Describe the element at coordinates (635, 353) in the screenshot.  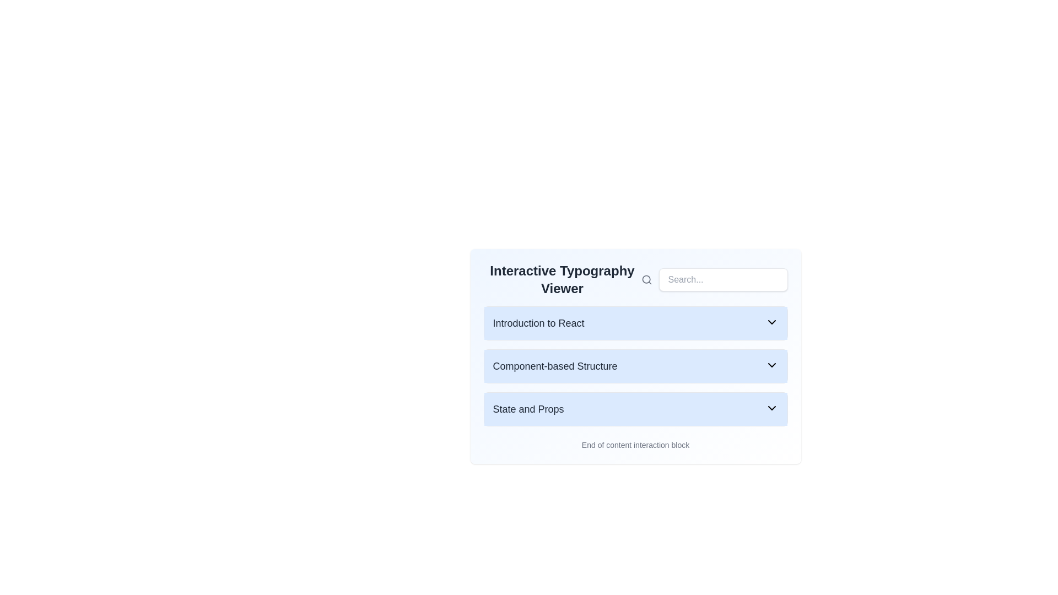
I see `the second menu item in the 'Interactive Typography Viewer' panel` at that location.